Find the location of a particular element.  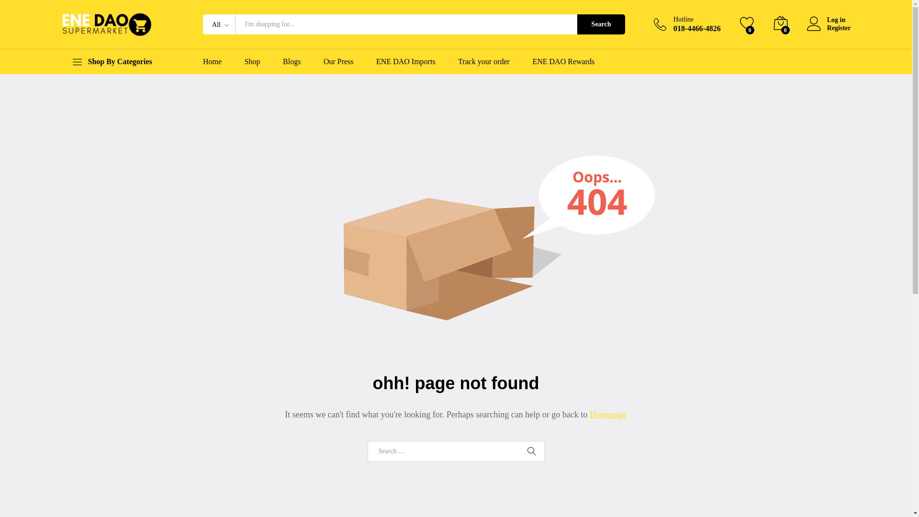

'Search' is located at coordinates (601, 23).